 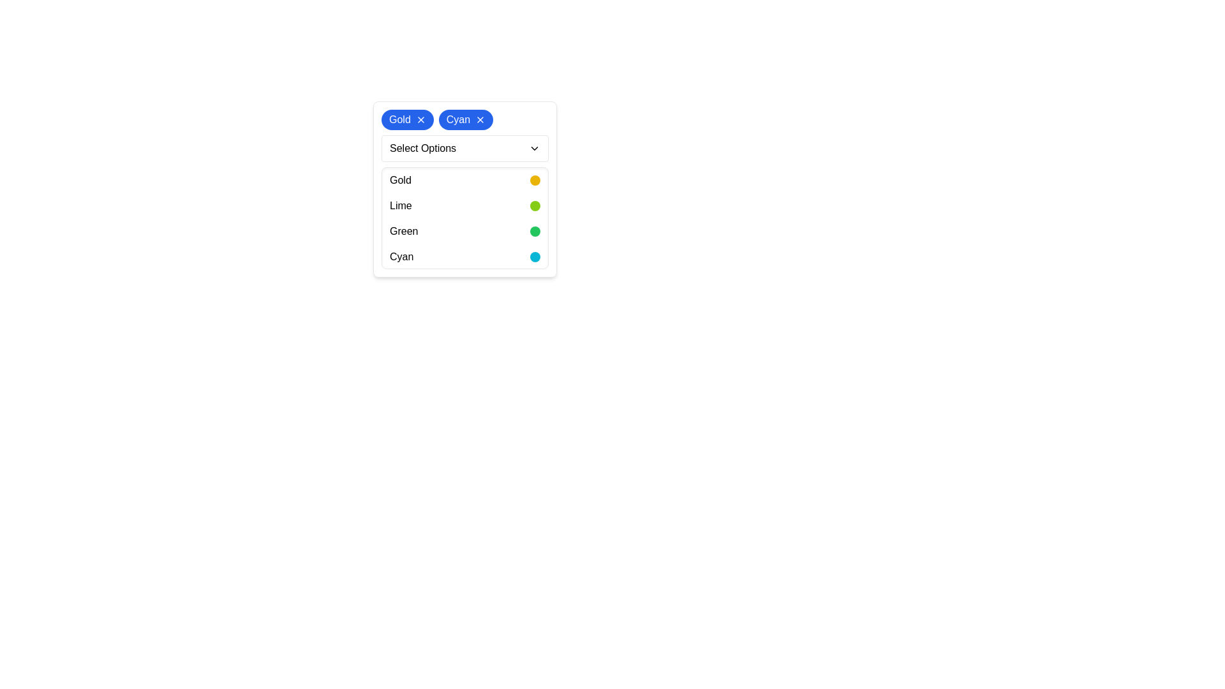 What do you see at coordinates (535, 180) in the screenshot?
I see `the distinctive yellow circular icon located to the right of the text 'Gold' in the dropdown menu` at bounding box center [535, 180].